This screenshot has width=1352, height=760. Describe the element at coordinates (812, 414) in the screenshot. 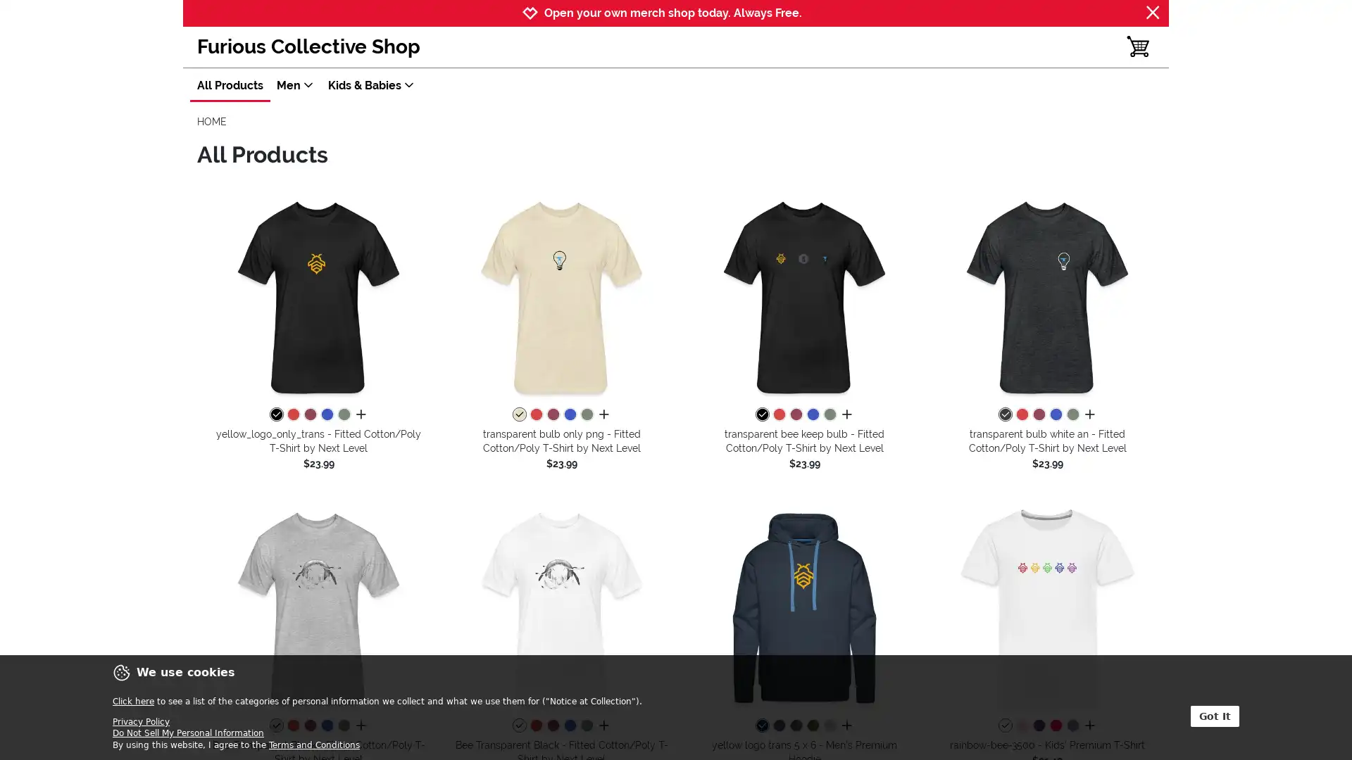

I see `heather royal` at that location.